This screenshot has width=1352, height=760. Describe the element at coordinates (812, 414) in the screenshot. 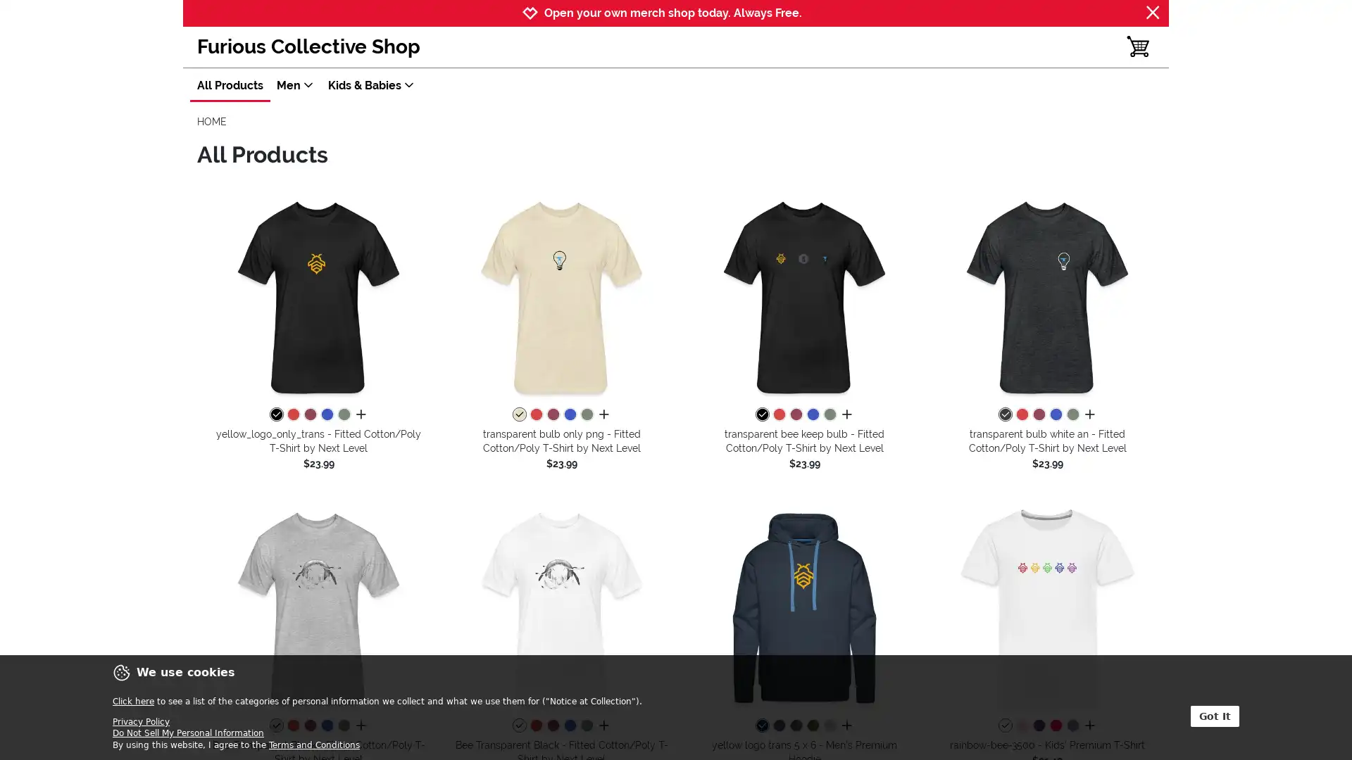

I see `heather royal` at that location.